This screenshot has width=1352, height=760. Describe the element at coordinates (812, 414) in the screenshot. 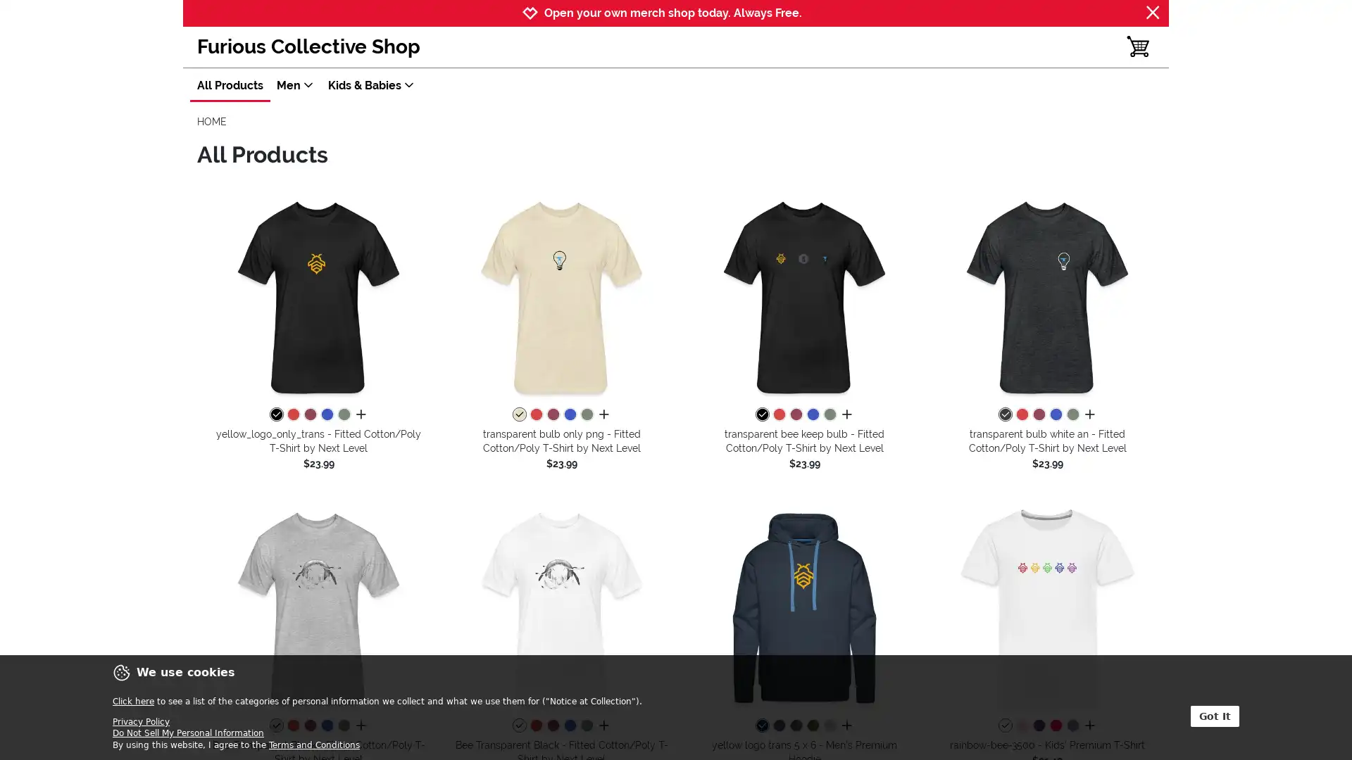

I see `heather royal` at that location.